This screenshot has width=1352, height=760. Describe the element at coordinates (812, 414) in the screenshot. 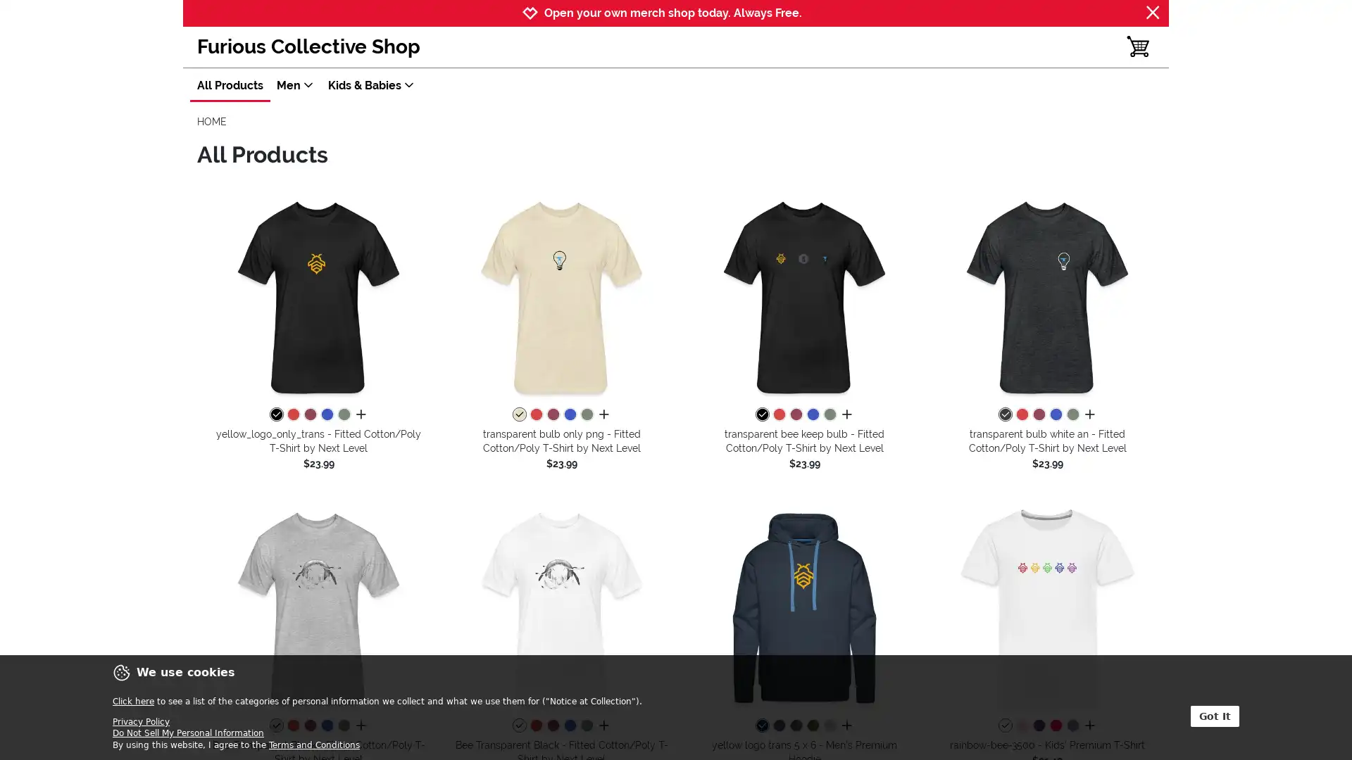

I see `heather royal` at that location.